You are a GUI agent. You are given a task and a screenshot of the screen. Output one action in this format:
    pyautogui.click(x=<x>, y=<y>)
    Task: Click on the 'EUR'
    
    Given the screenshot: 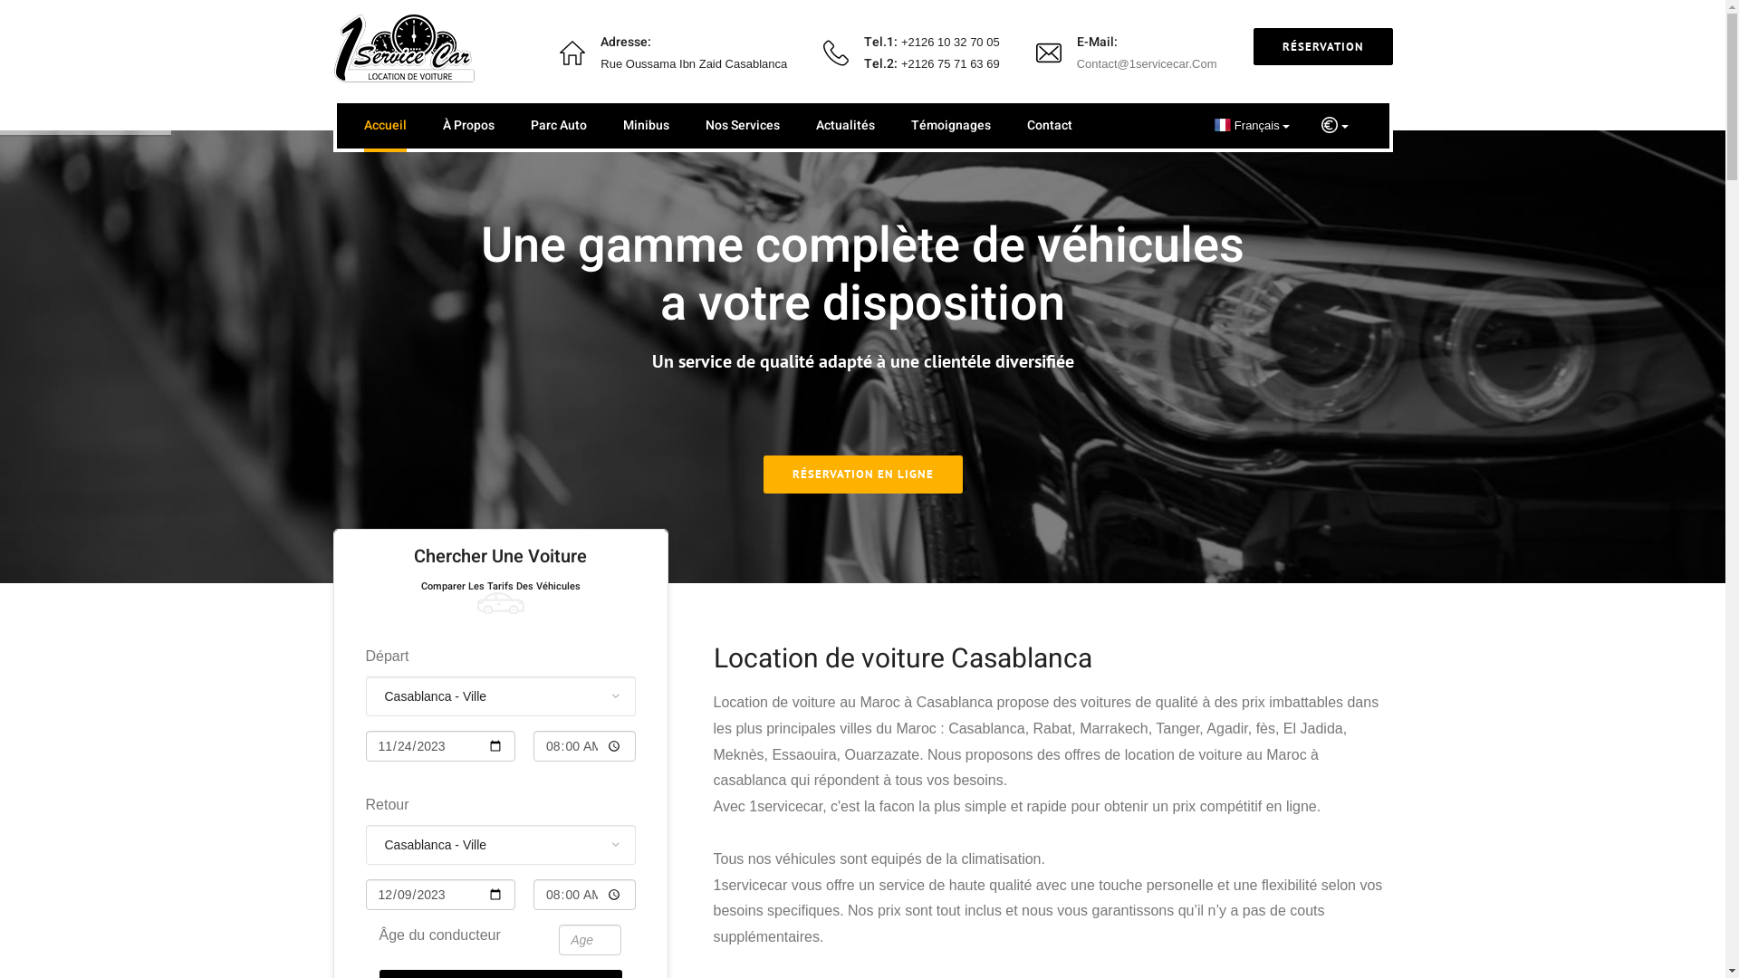 What is the action you would take?
    pyautogui.click(x=1334, y=124)
    